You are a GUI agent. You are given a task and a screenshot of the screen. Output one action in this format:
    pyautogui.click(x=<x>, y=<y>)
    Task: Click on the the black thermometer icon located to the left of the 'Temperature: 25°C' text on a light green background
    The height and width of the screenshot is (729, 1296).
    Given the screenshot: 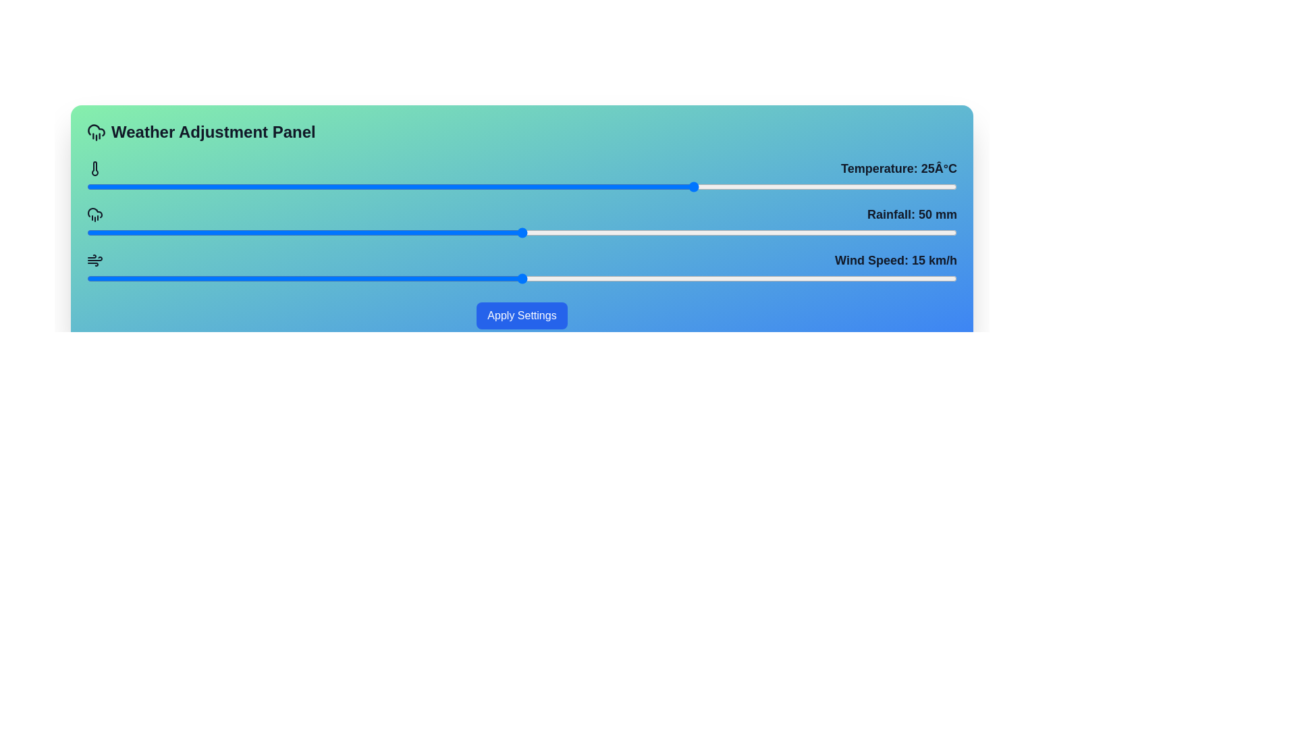 What is the action you would take?
    pyautogui.click(x=94, y=168)
    